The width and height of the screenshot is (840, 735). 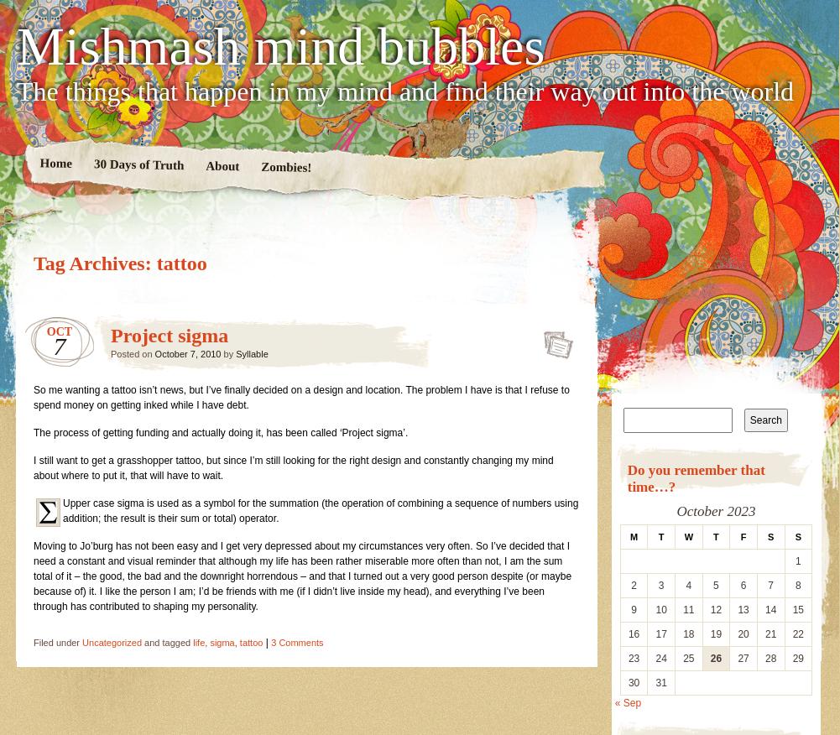 What do you see at coordinates (266, 642) in the screenshot?
I see `'|'` at bounding box center [266, 642].